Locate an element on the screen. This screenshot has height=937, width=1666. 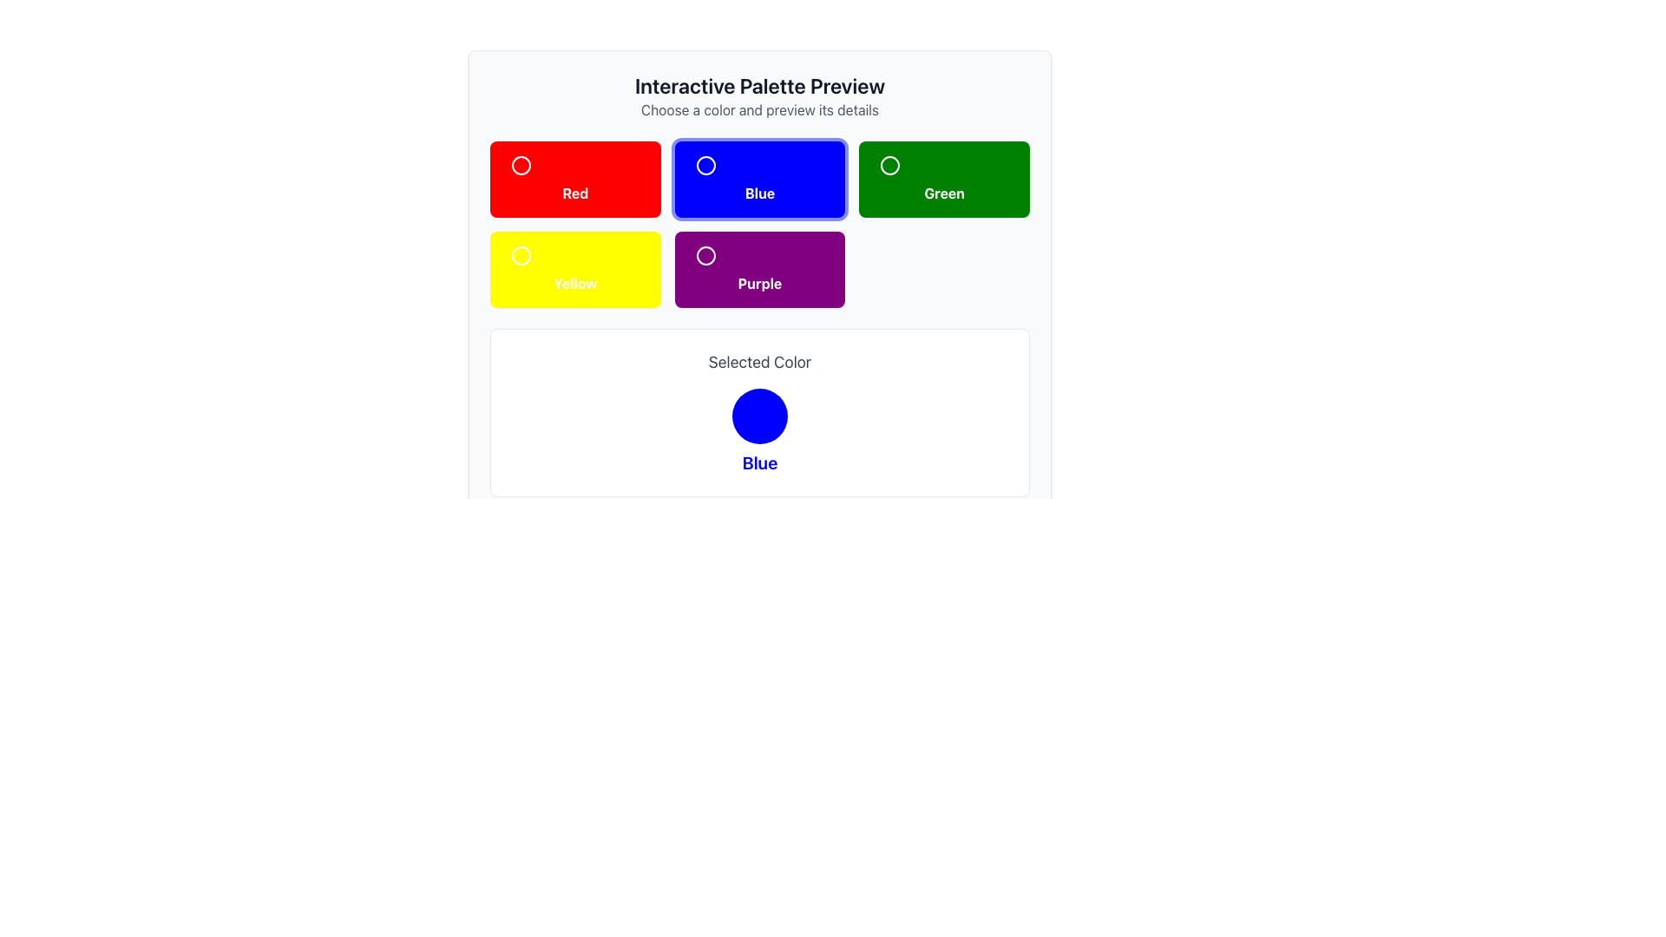
the text label that says 'Blue', which is styled in bold and large font, located within a white box below a blue circle in the 'Selected Color' card is located at coordinates (759, 462).